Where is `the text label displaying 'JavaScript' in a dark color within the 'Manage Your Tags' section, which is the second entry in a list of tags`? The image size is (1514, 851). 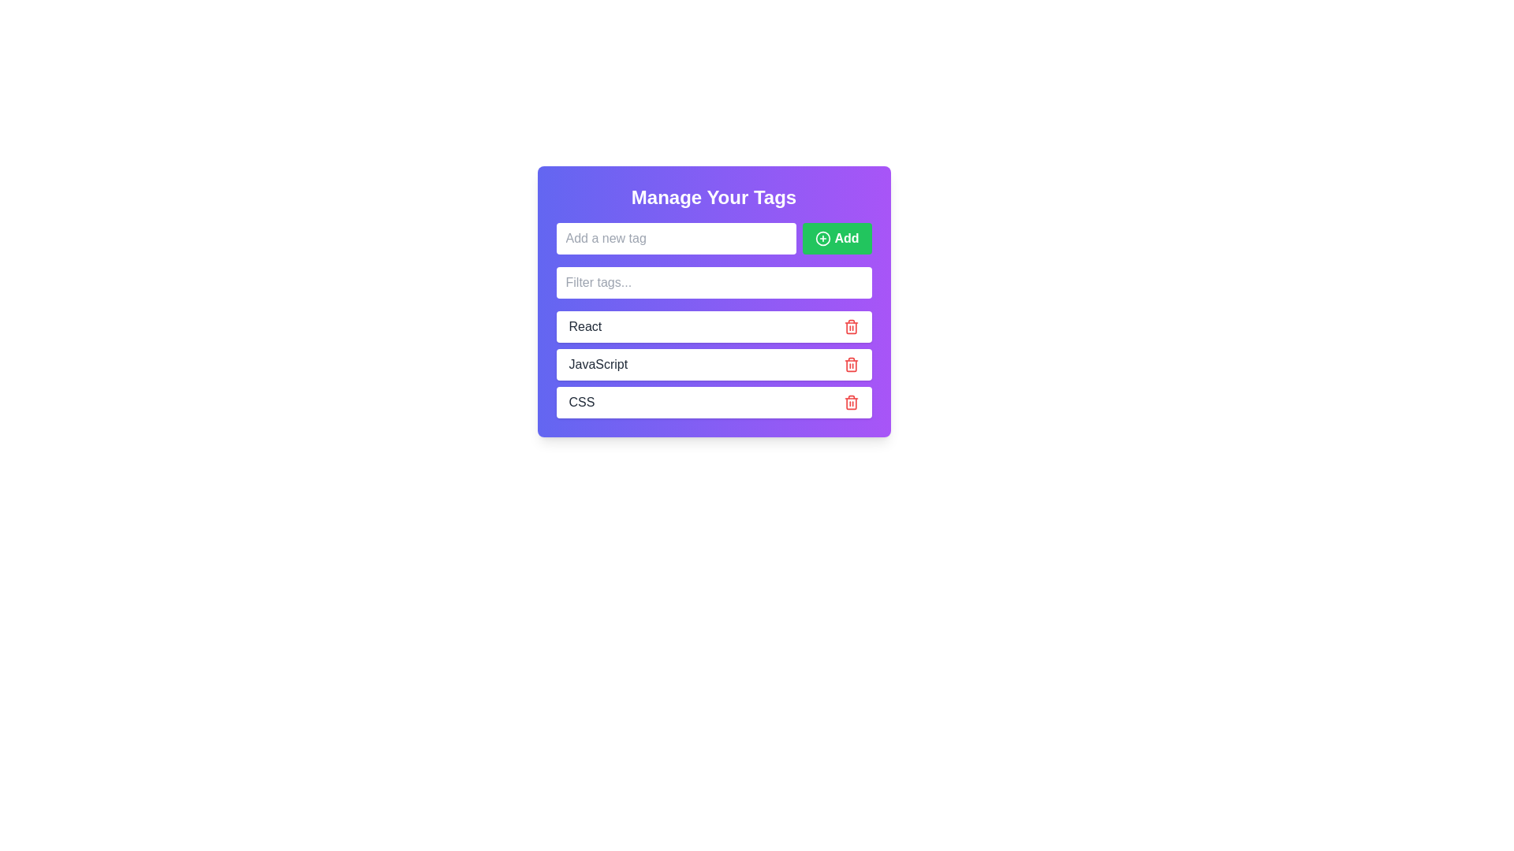
the text label displaying 'JavaScript' in a dark color within the 'Manage Your Tags' section, which is the second entry in a list of tags is located at coordinates (597, 364).